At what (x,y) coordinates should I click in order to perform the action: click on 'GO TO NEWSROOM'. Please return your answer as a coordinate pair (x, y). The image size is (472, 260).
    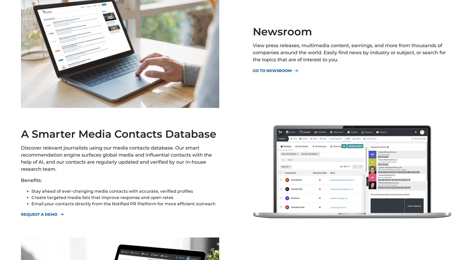
    Looking at the image, I should click on (272, 70).